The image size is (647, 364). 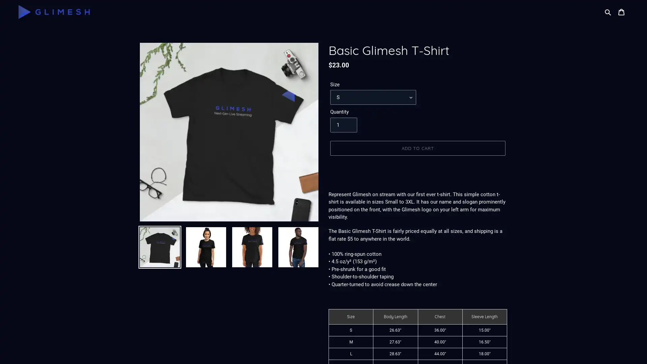 What do you see at coordinates (417, 166) in the screenshot?
I see `BUY IT NOW` at bounding box center [417, 166].